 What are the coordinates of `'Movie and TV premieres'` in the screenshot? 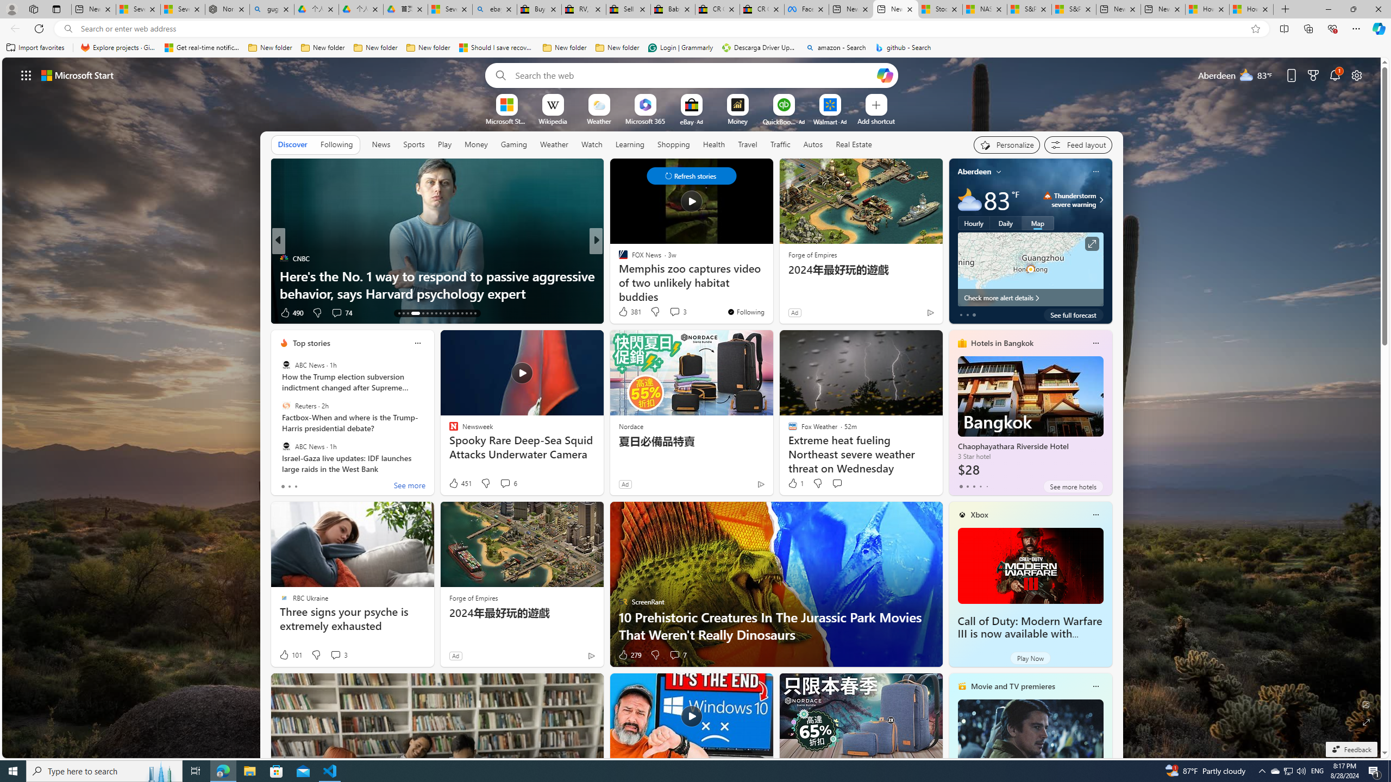 It's located at (1012, 686).